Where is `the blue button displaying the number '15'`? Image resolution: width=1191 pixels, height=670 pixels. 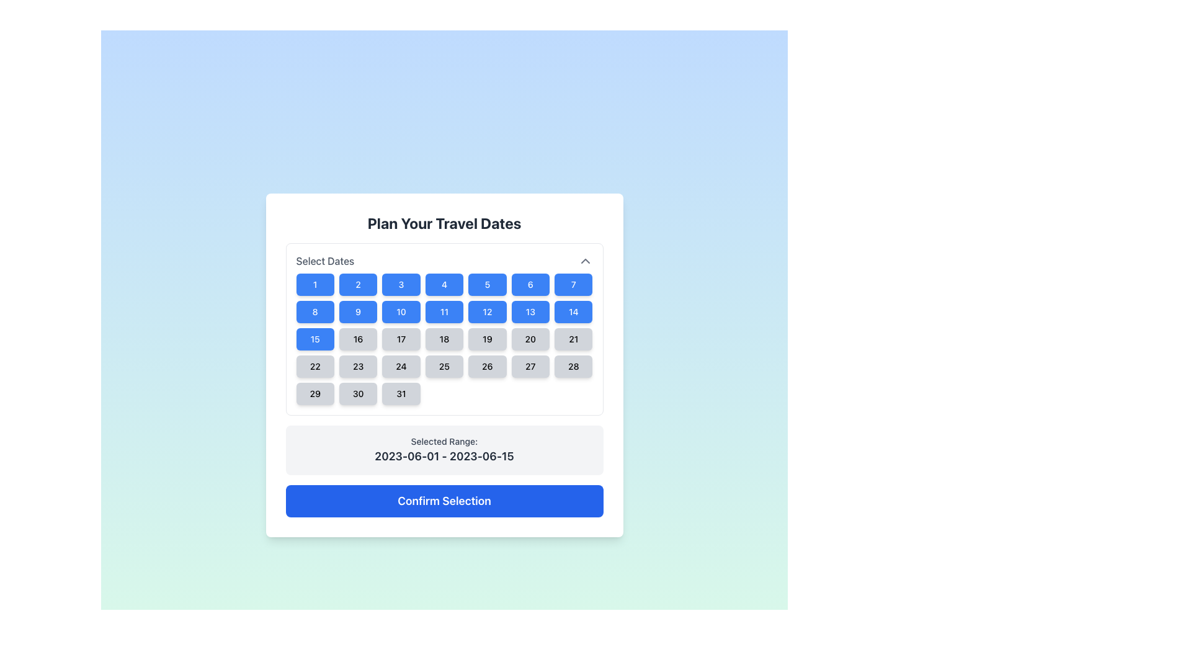
the blue button displaying the number '15' is located at coordinates (315, 339).